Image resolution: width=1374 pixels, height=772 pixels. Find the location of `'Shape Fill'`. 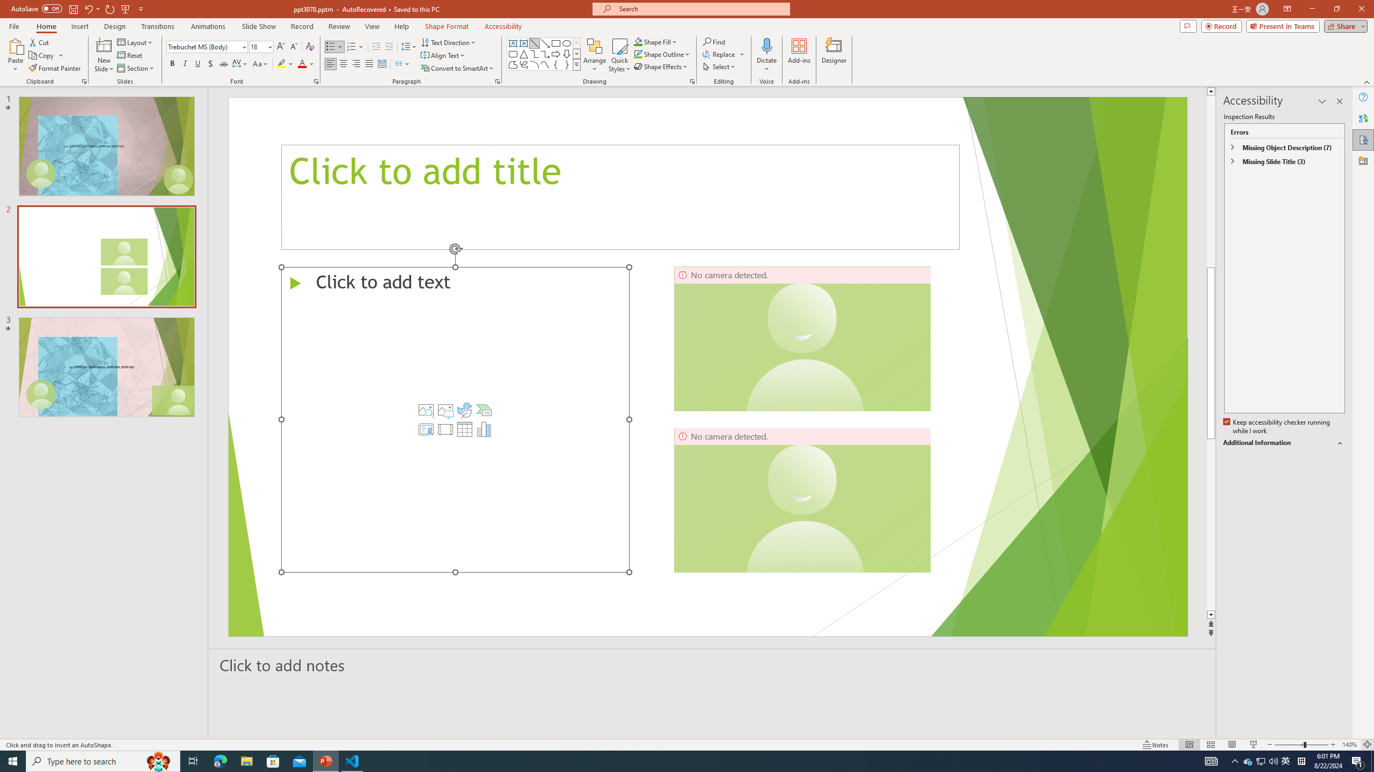

'Shape Fill' is located at coordinates (656, 41).